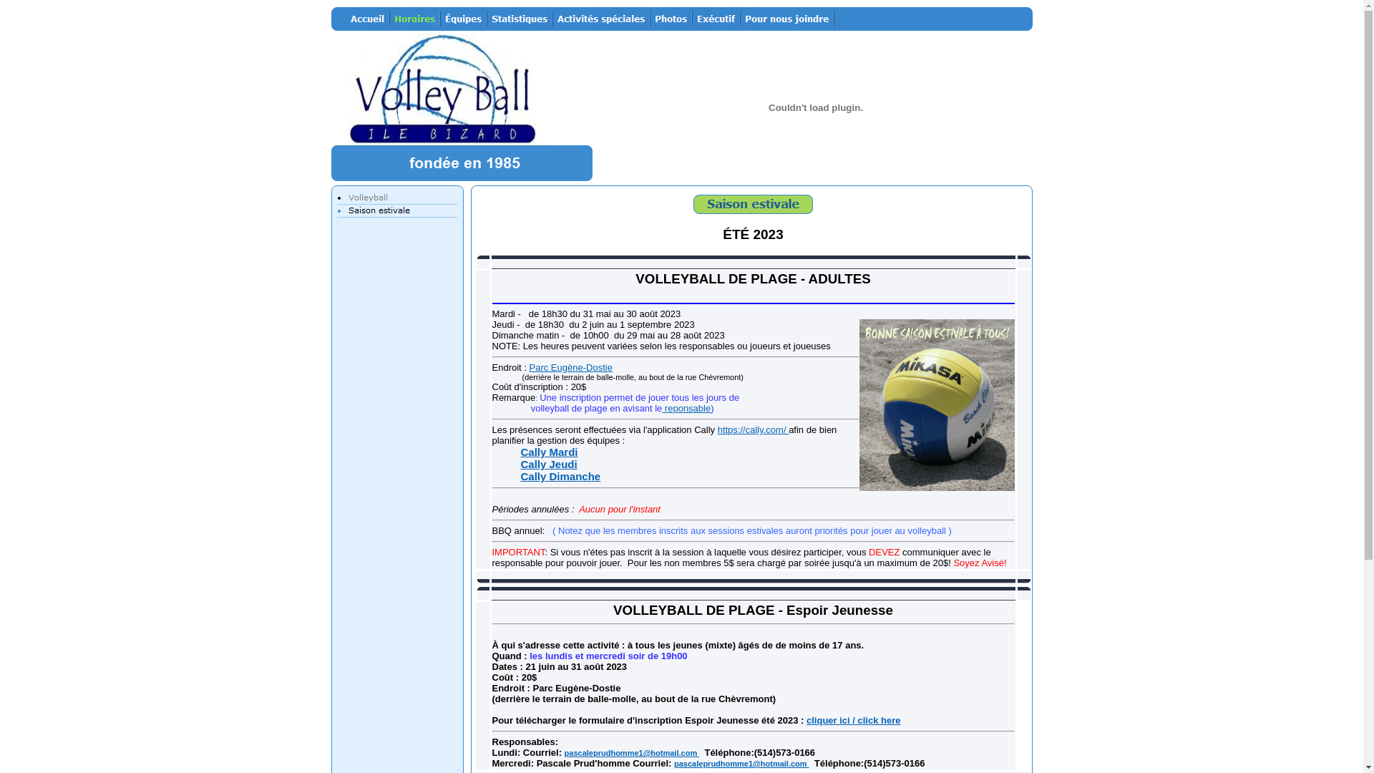 The width and height of the screenshot is (1374, 773). I want to click on 'pascaleprudhomme1@hotmail.com', so click(741, 763).